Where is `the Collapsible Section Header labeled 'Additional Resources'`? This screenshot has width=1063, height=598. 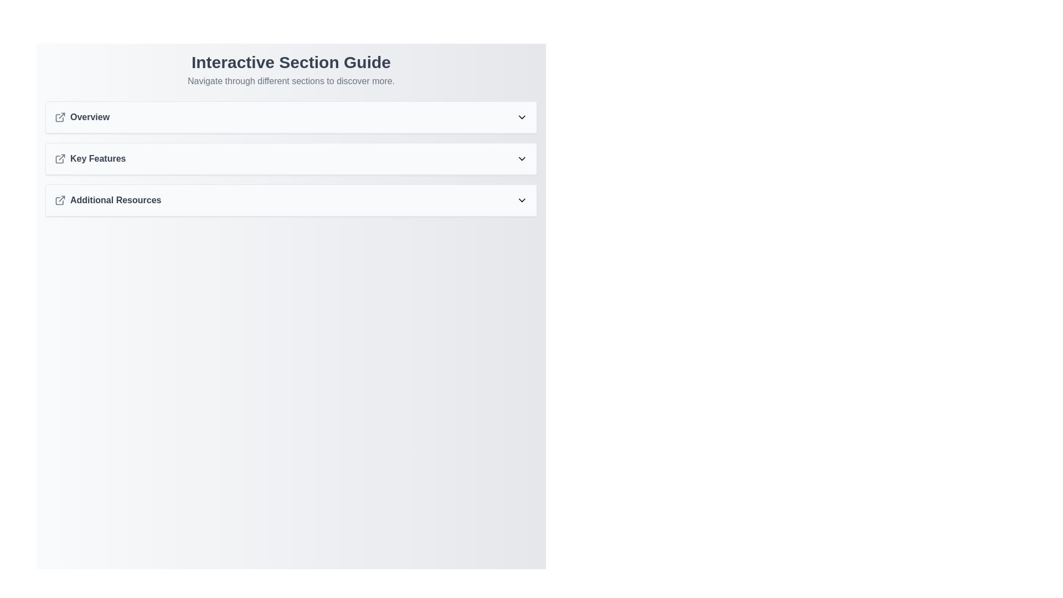
the Collapsible Section Header labeled 'Additional Resources' is located at coordinates (291, 200).